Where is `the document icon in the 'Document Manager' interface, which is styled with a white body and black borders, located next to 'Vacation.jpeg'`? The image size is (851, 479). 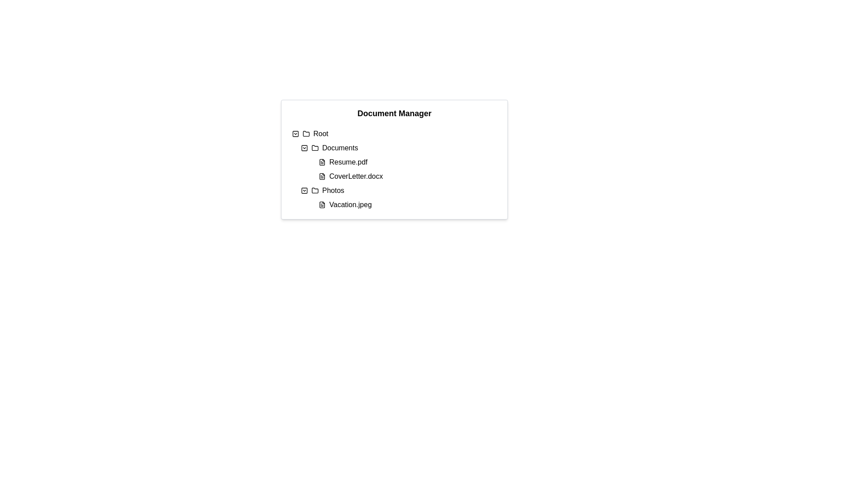
the document icon in the 'Document Manager' interface, which is styled with a white body and black borders, located next to 'Vacation.jpeg' is located at coordinates (321, 205).